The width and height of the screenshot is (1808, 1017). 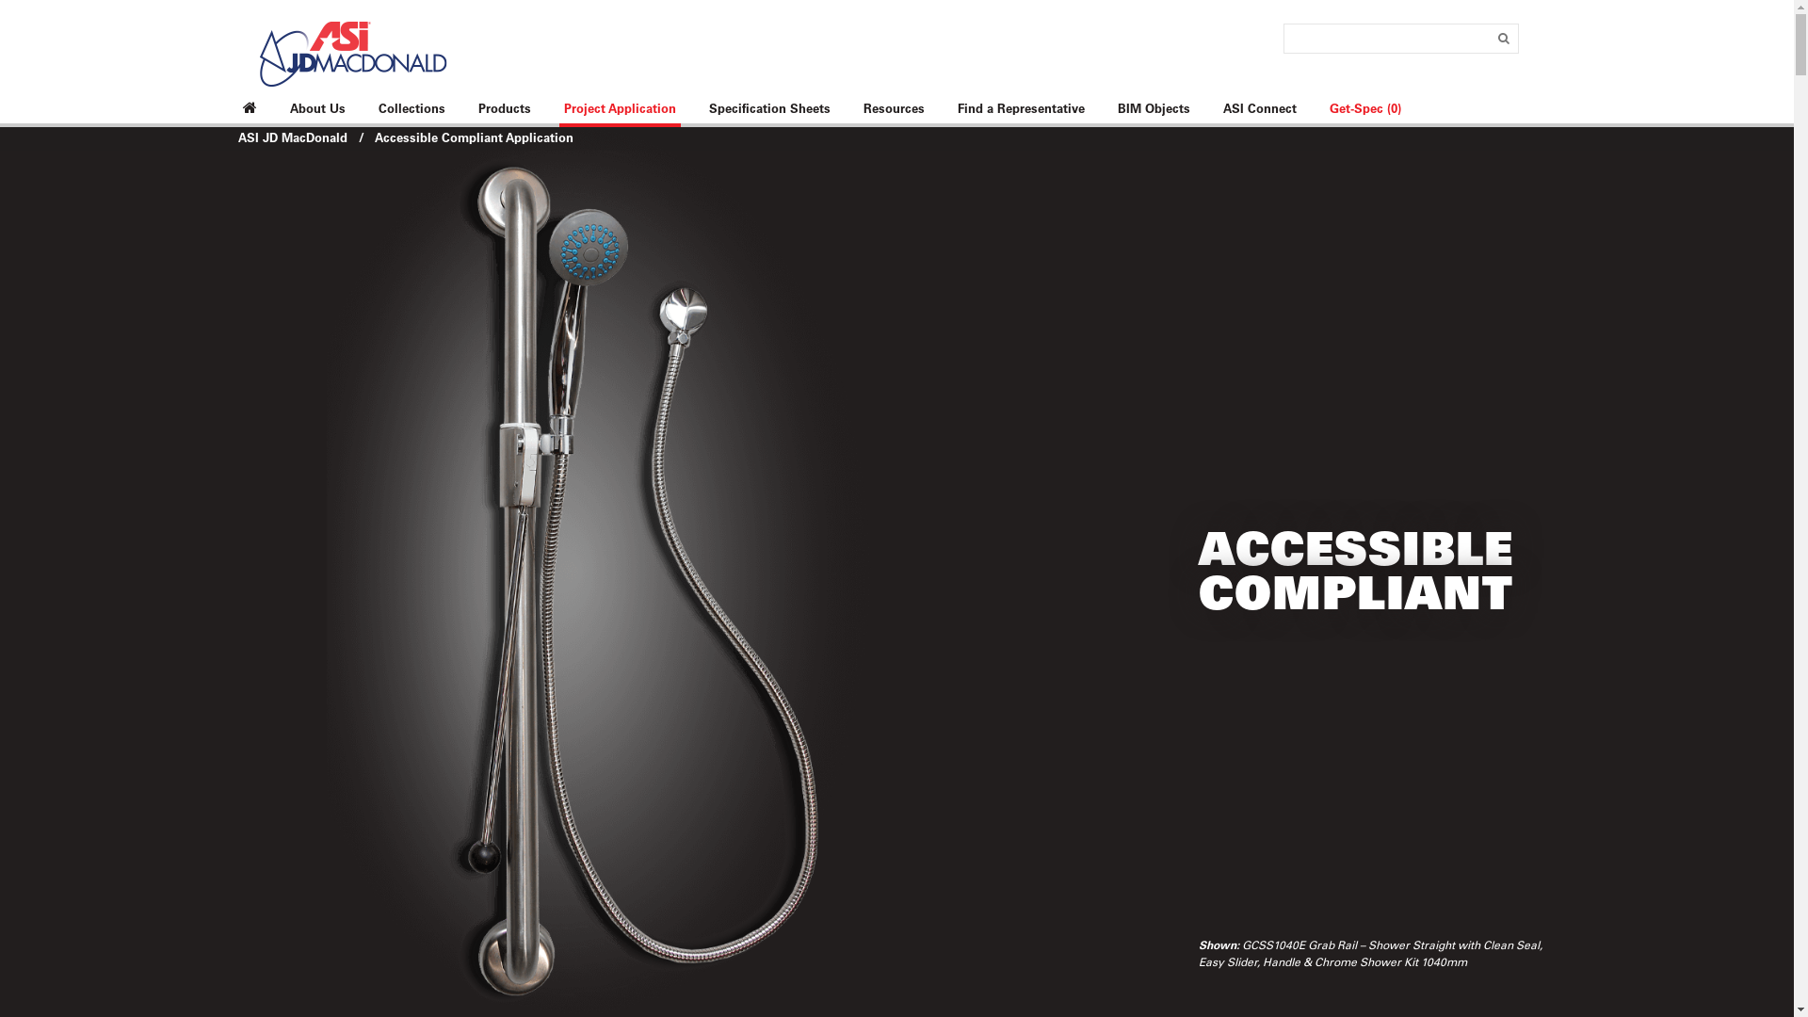 I want to click on 'Project Application', so click(x=620, y=111).